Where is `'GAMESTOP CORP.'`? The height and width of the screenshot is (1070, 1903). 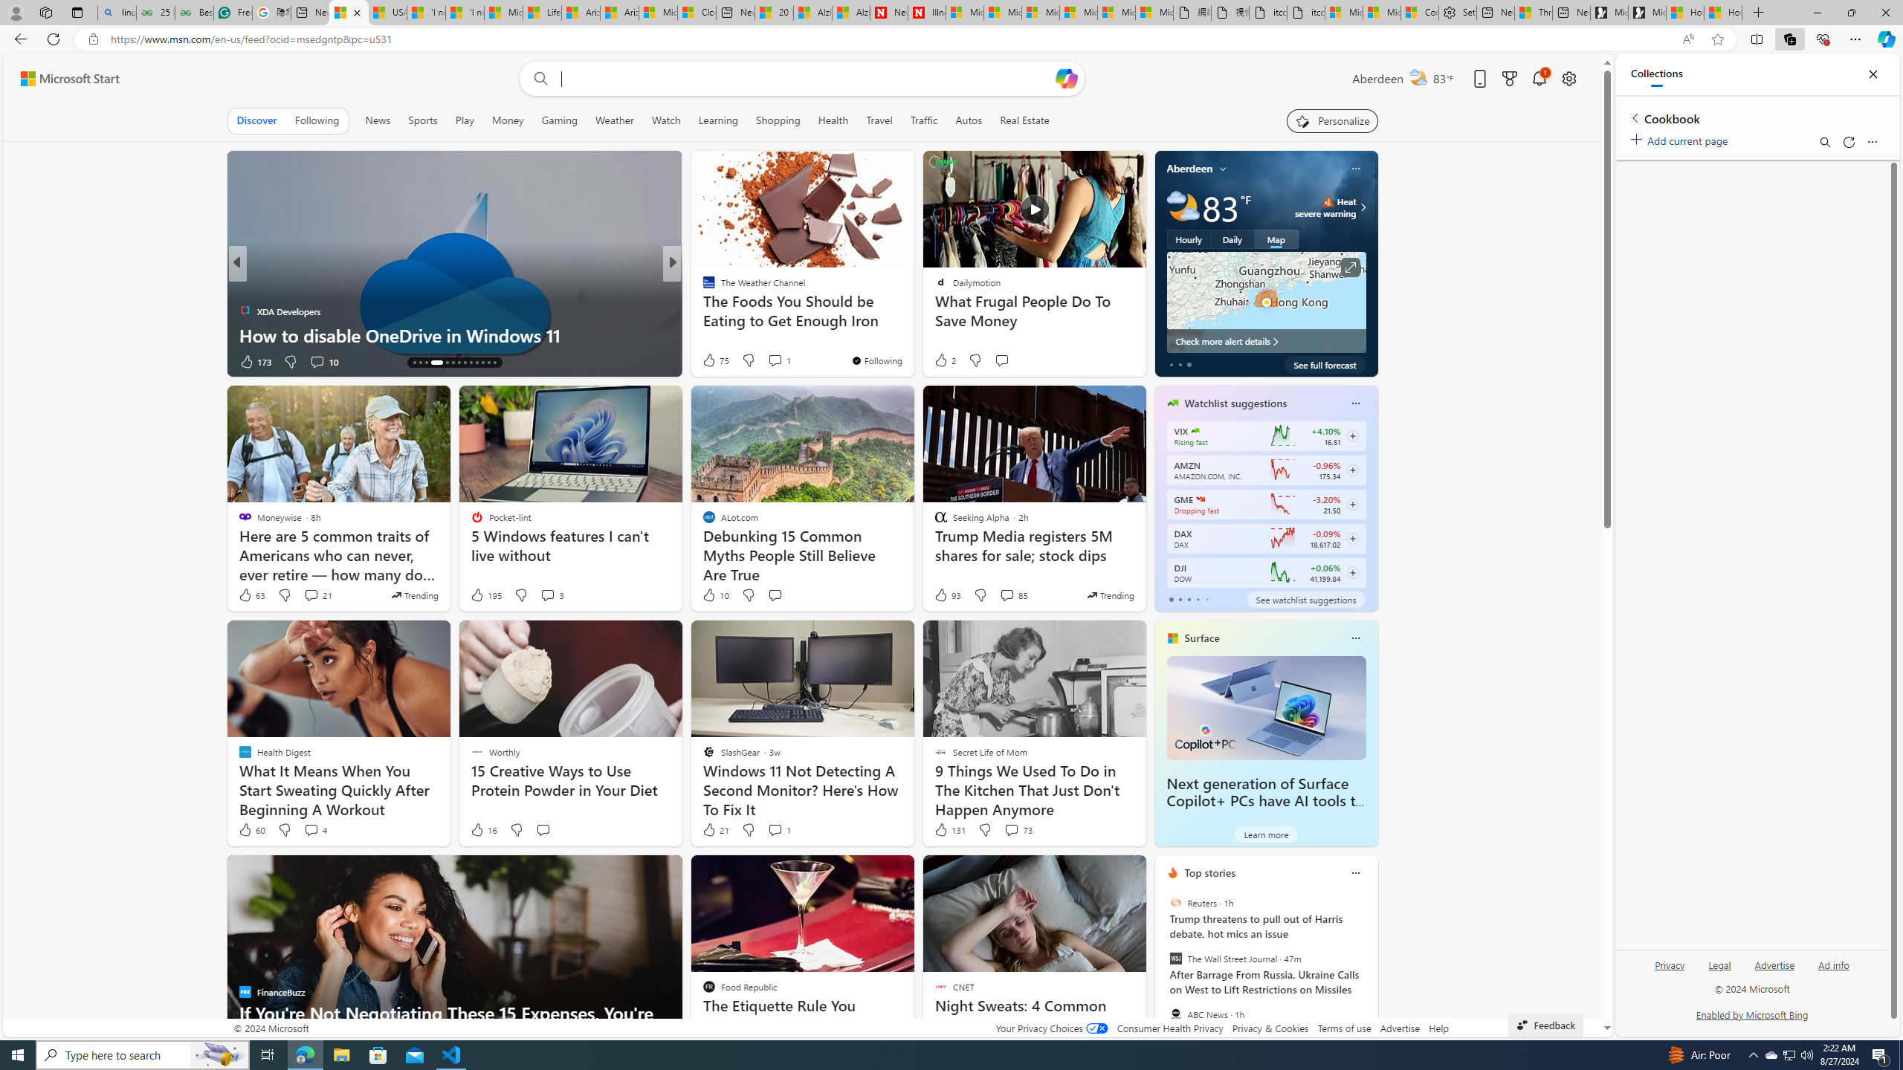 'GAMESTOP CORP.' is located at coordinates (1201, 498).